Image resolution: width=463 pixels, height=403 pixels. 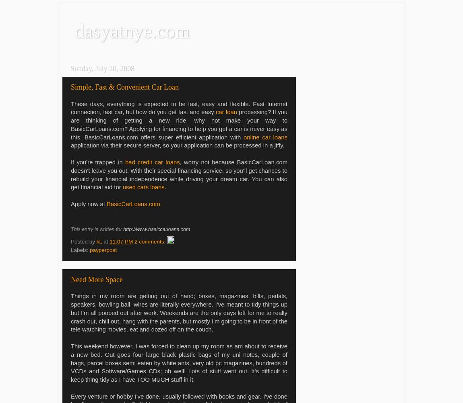 I want to click on 'and Software/Games', so click(x=117, y=370).